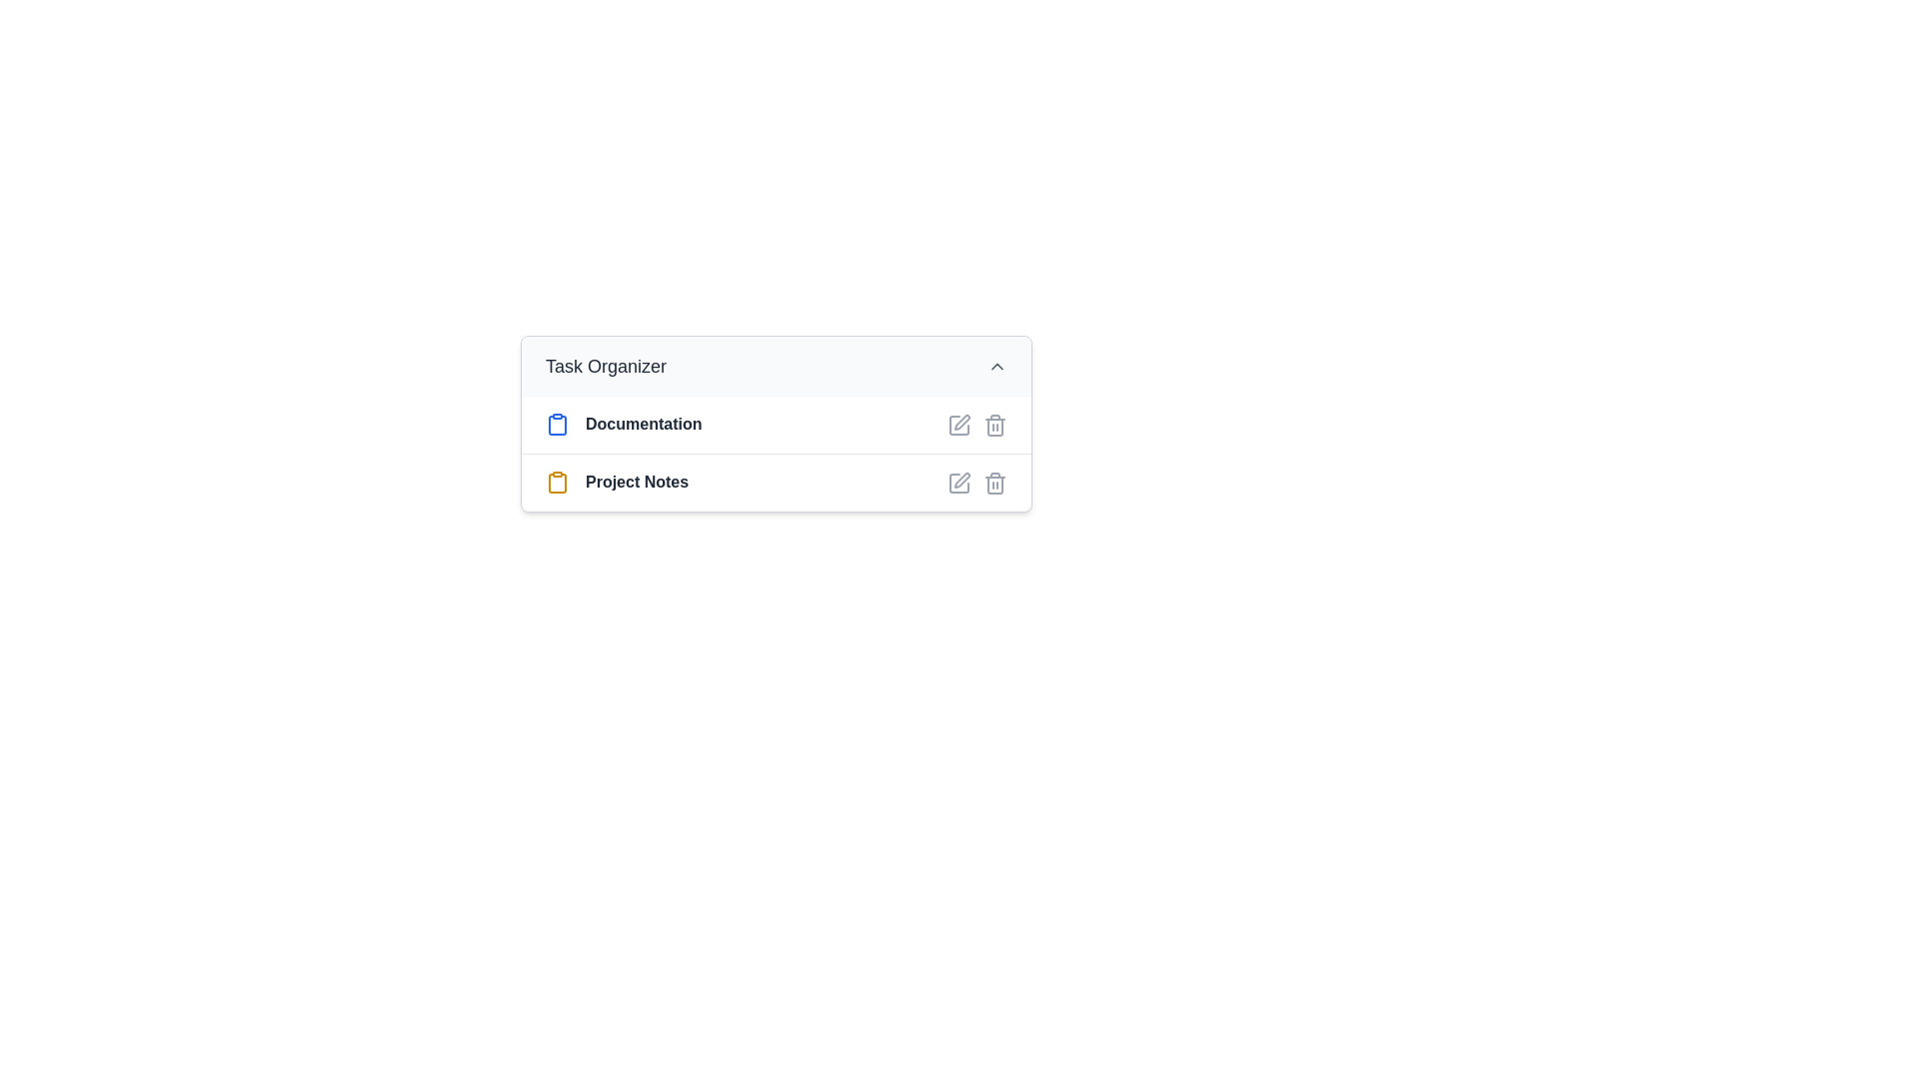 The image size is (1919, 1079). I want to click on the Spacer layout structure element located on the right end of the list item row for 'Project Notes', adjacent to the edit and delete icons, so click(848, 483).